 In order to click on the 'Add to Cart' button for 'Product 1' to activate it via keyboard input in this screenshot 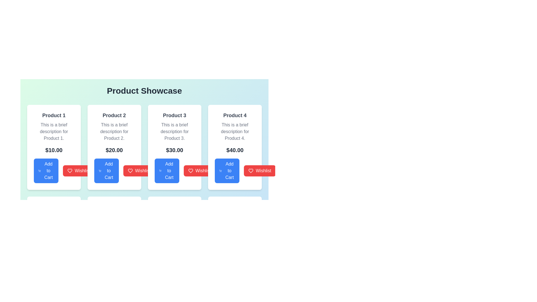, I will do `click(54, 170)`.